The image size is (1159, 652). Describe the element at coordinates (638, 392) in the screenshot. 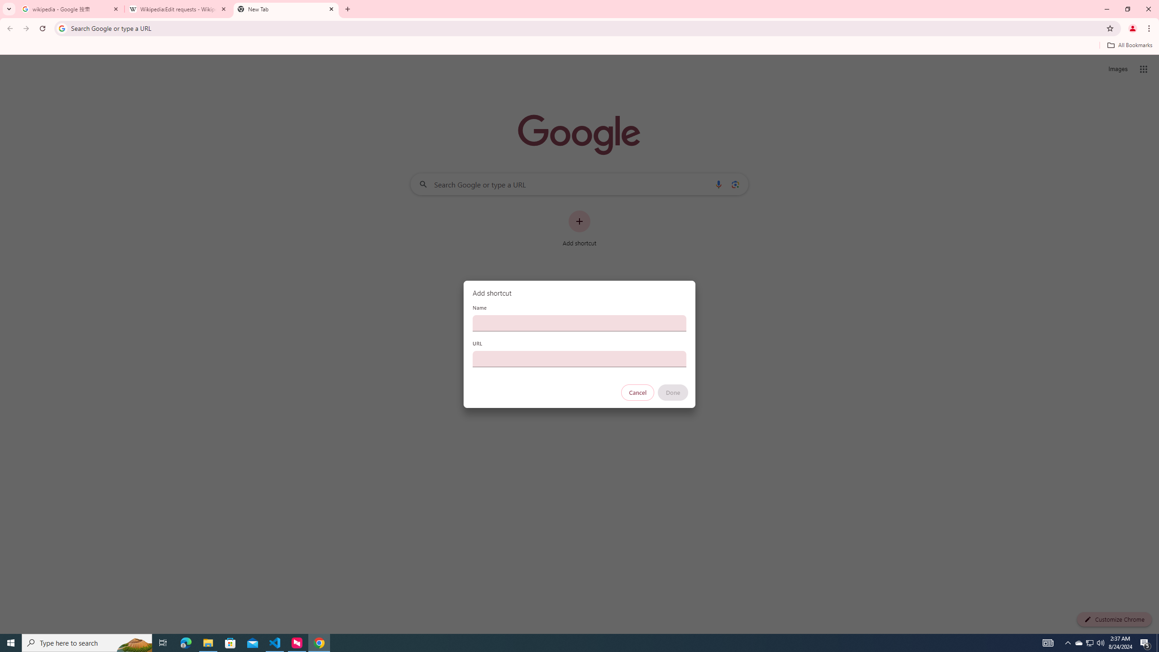

I see `'Cancel'` at that location.